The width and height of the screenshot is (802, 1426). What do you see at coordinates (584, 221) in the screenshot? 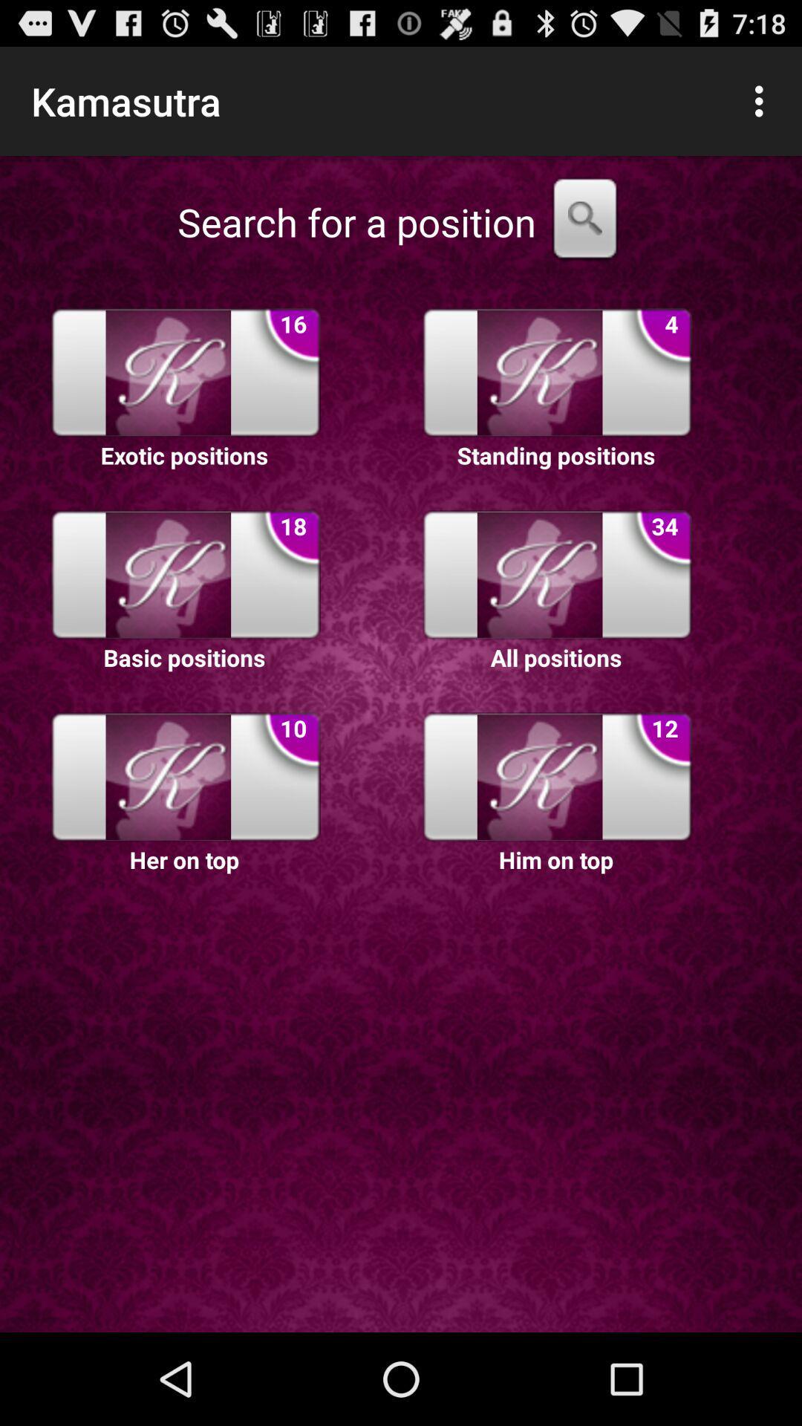
I see `search` at bounding box center [584, 221].